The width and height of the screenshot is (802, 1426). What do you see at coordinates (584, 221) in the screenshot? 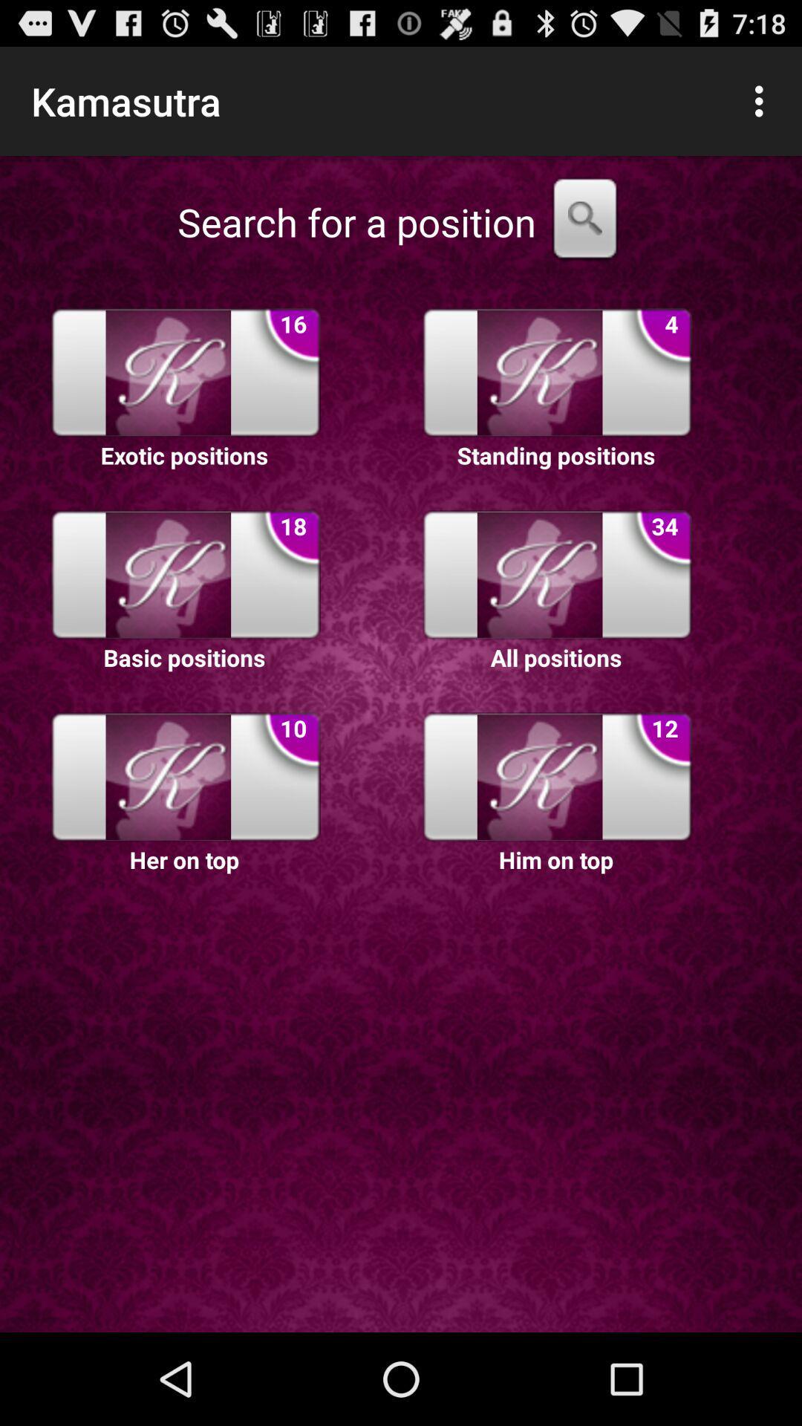
I see `search` at bounding box center [584, 221].